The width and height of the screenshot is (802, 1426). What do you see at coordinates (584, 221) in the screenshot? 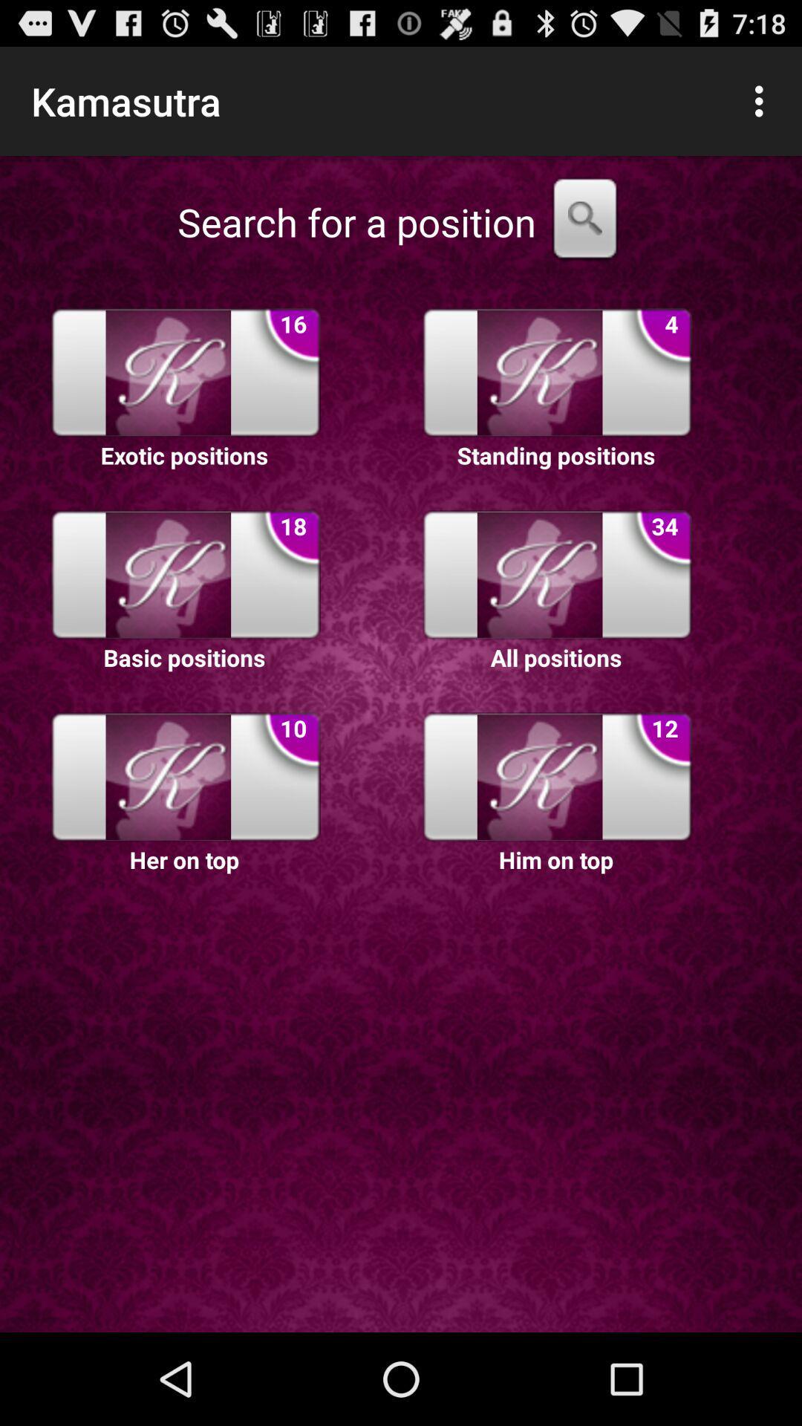
I see `search` at bounding box center [584, 221].